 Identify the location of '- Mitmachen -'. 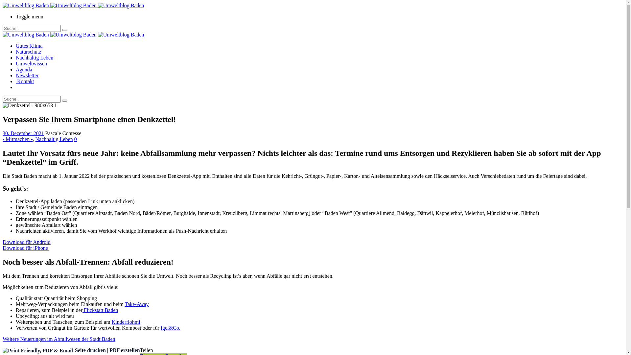
(17, 139).